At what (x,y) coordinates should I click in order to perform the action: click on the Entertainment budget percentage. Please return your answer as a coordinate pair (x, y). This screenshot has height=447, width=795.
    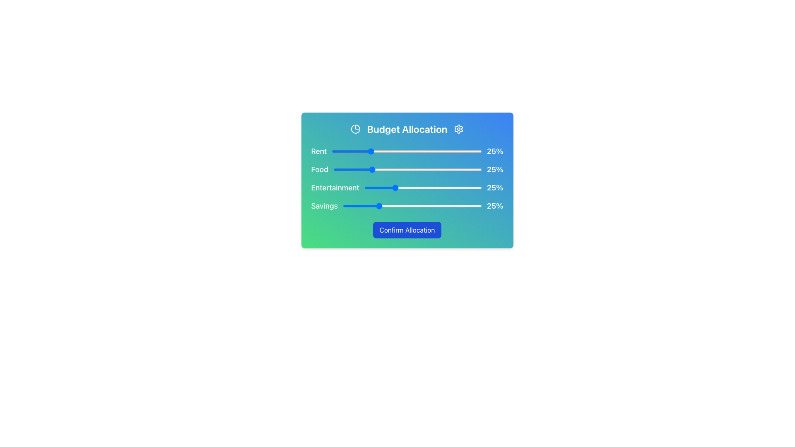
    Looking at the image, I should click on (430, 188).